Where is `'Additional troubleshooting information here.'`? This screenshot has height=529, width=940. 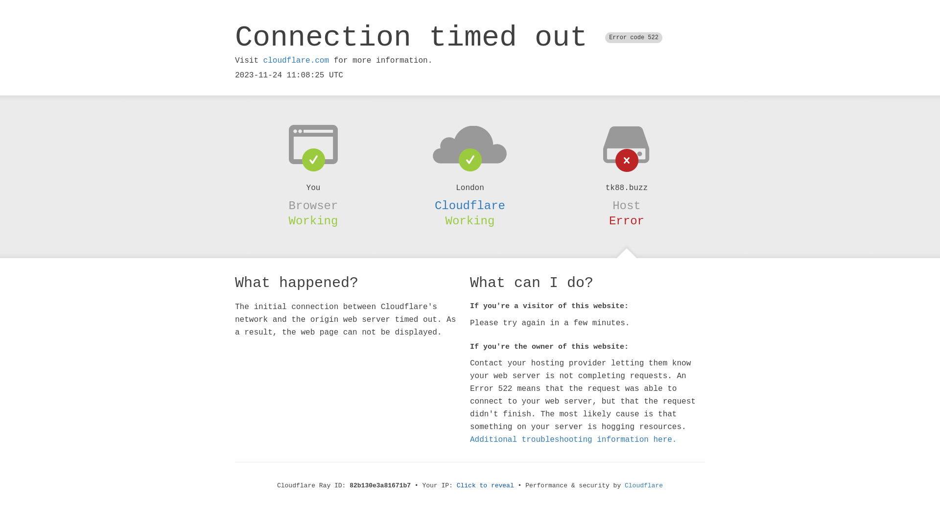
'Additional troubleshooting information here.' is located at coordinates (573, 439).